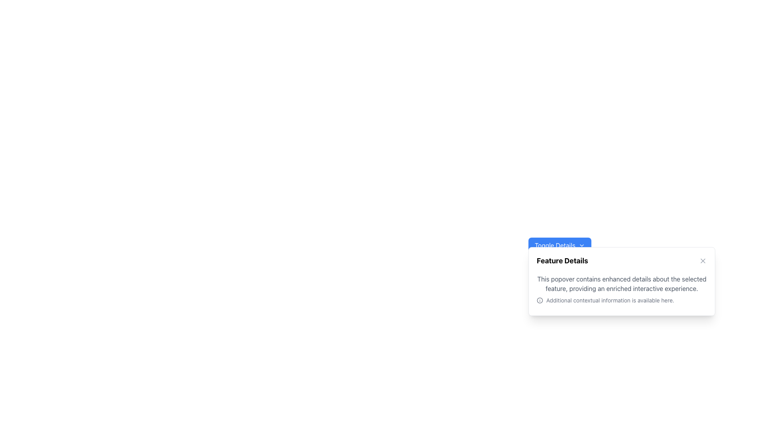  What do you see at coordinates (621, 283) in the screenshot?
I see `the text block displaying the sentence: 'This popover contains enhanced details about the selected feature, providing an enriched interactive experience.' which is styled with gray text color (#808080) and is positioned above the 'Additional contextual information is available here.' text` at bounding box center [621, 283].